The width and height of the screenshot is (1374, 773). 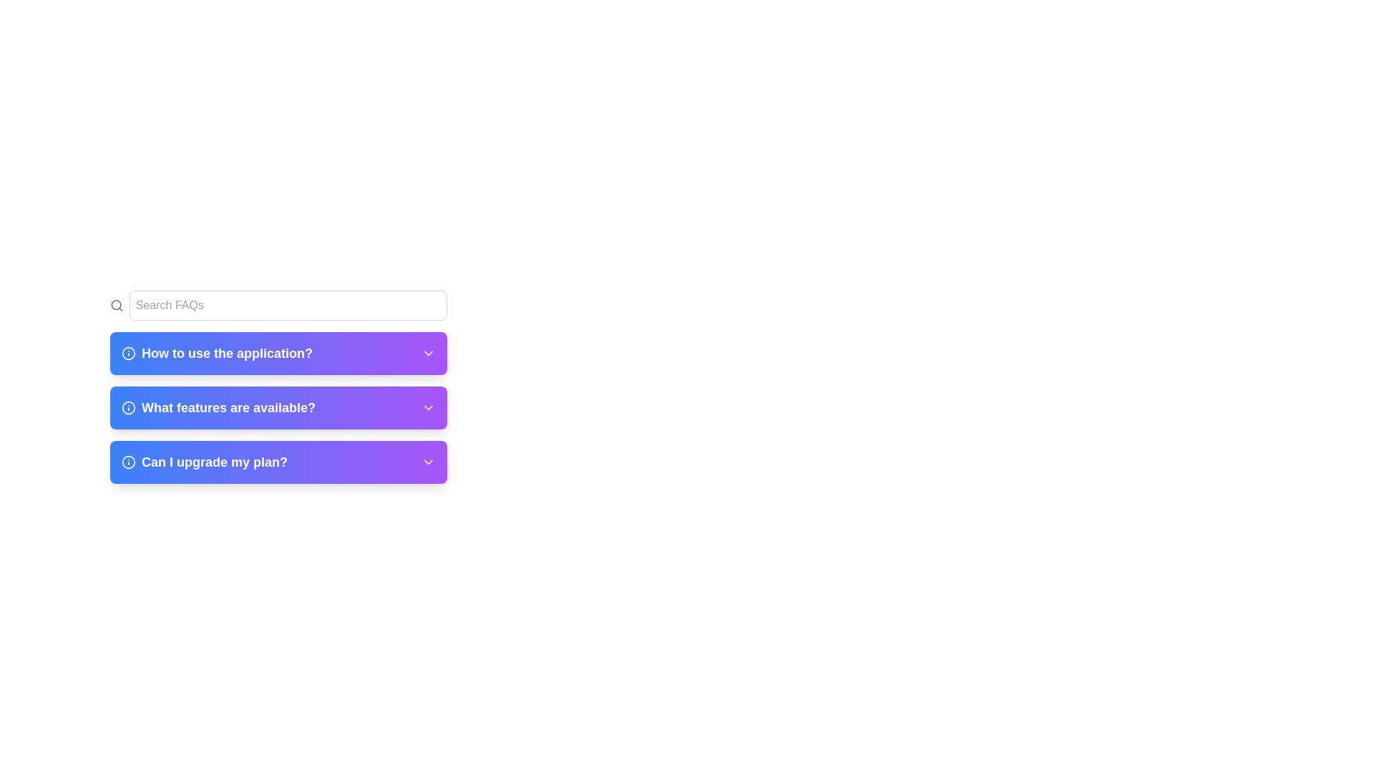 I want to click on the third expandable list item in the FAQ section, so click(x=278, y=462).